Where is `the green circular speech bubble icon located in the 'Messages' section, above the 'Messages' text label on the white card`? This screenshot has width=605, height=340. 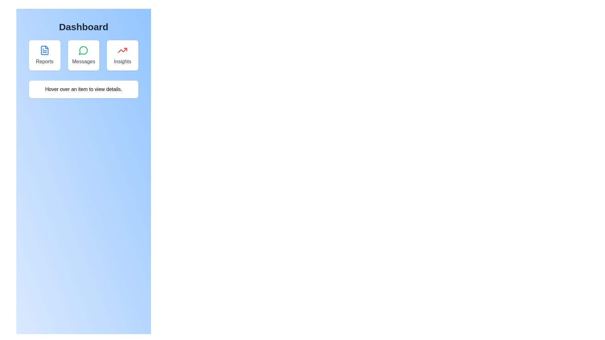
the green circular speech bubble icon located in the 'Messages' section, above the 'Messages' text label on the white card is located at coordinates (83, 50).